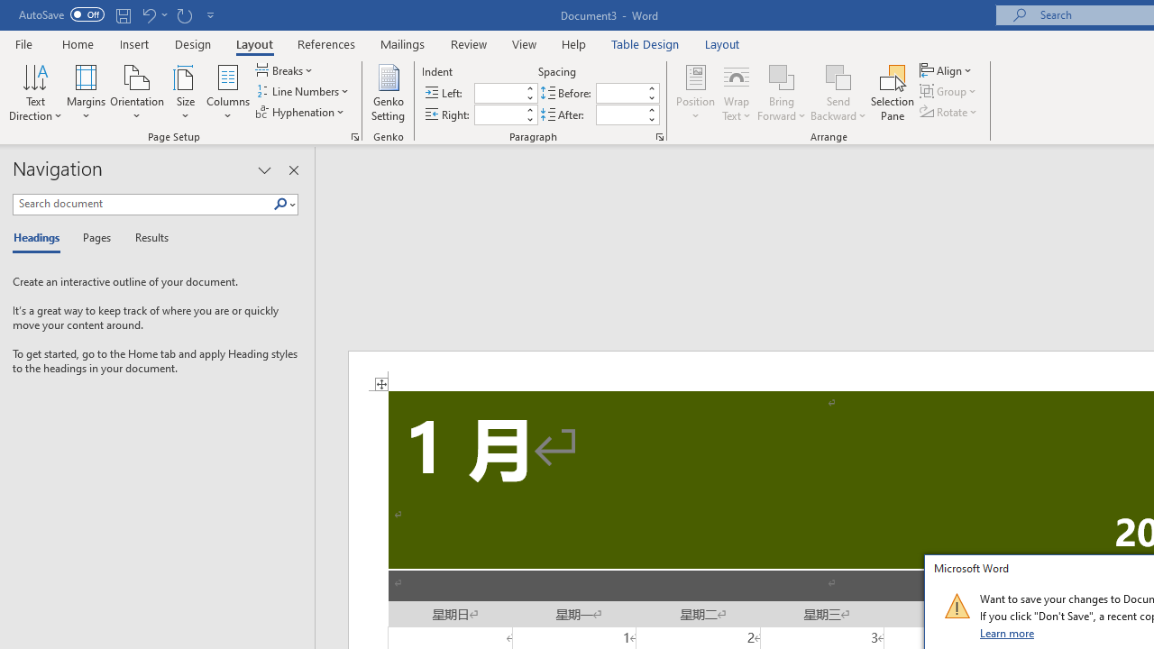 The height and width of the screenshot is (649, 1154). Describe the element at coordinates (285, 69) in the screenshot. I see `'Breaks'` at that location.